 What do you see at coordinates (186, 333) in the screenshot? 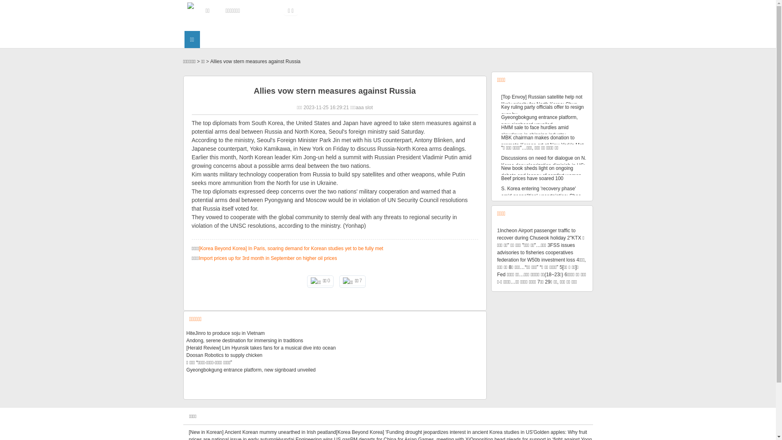
I see `'HiteJinro to produce soju in Vietnam'` at bounding box center [186, 333].